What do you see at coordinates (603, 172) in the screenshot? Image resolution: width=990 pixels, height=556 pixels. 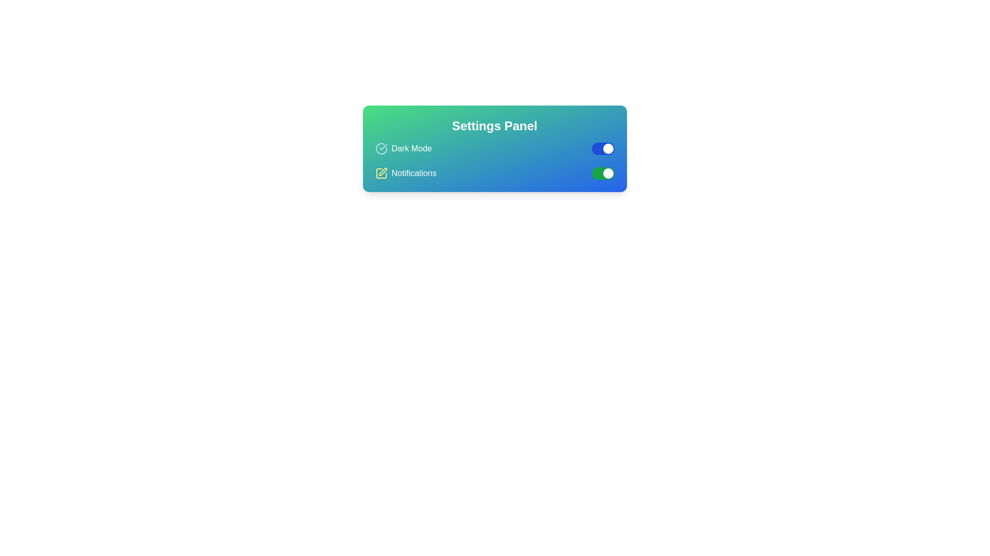 I see `switch` at bounding box center [603, 172].